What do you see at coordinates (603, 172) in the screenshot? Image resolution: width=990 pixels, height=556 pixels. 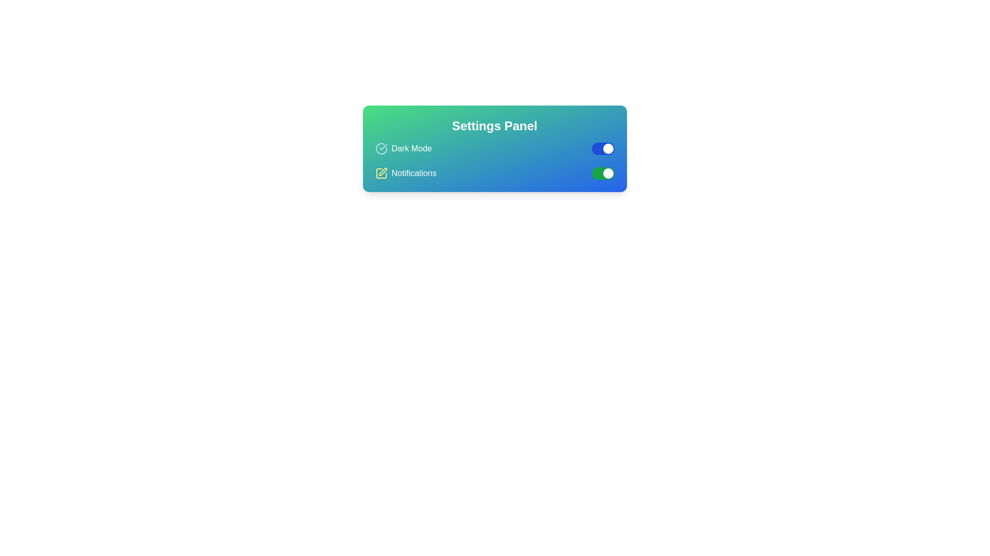 I see `switch` at bounding box center [603, 172].